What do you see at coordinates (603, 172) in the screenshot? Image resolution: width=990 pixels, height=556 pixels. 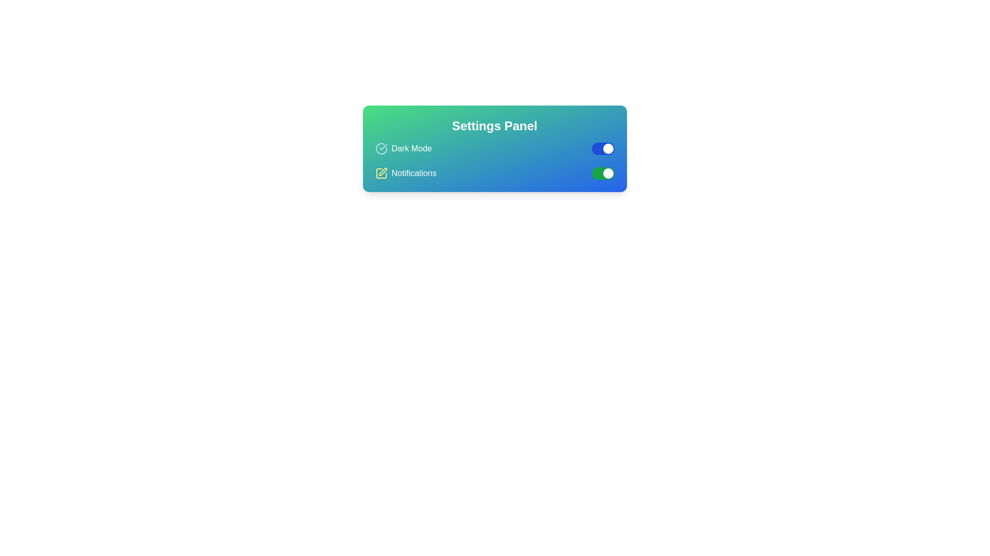 I see `switch` at bounding box center [603, 172].